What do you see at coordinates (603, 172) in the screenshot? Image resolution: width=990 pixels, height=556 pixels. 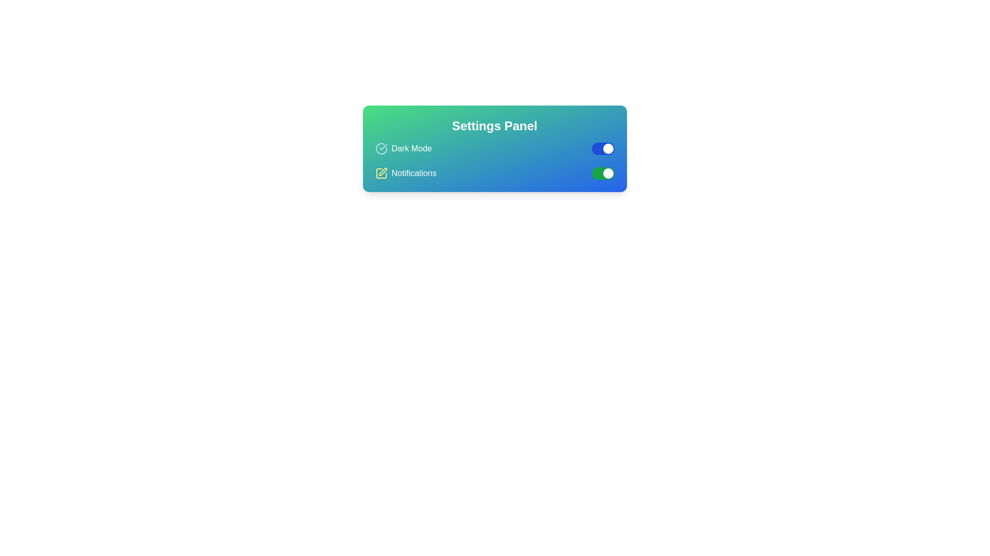 I see `switch` at bounding box center [603, 172].